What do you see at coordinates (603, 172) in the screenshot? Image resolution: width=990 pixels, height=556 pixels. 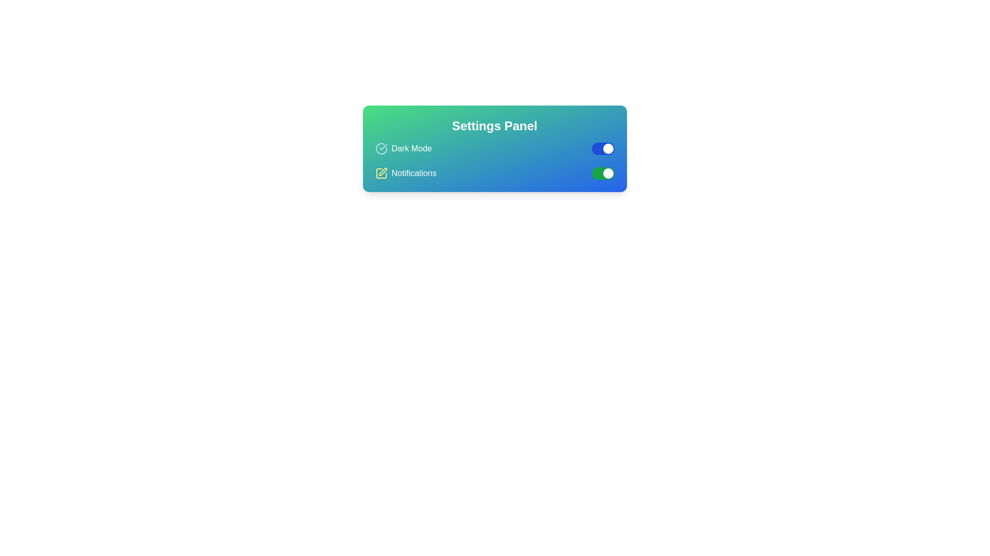 I see `switch` at bounding box center [603, 172].